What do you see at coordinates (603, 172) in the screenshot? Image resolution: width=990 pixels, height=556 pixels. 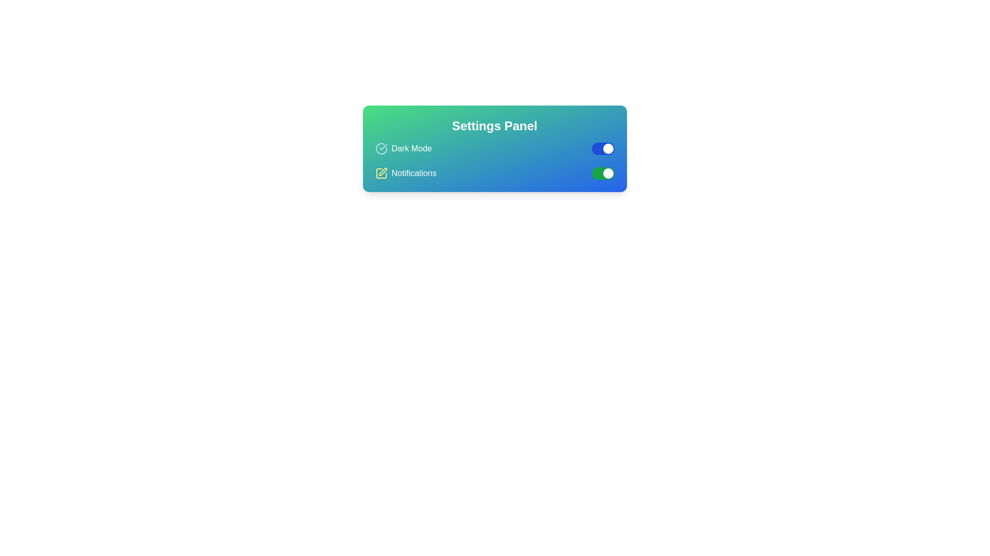 I see `switch` at bounding box center [603, 172].